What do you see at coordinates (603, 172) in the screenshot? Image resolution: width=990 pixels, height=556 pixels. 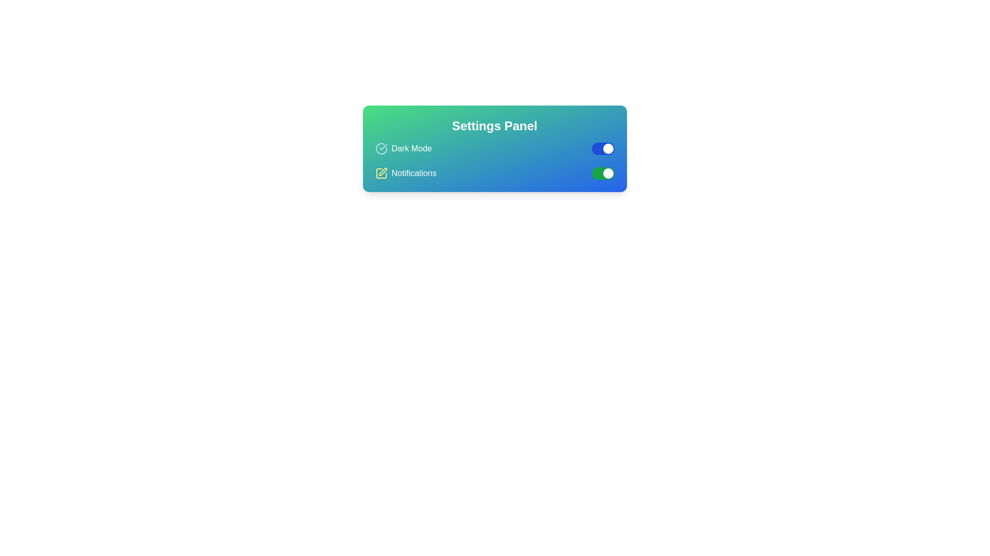 I see `switch` at bounding box center [603, 172].